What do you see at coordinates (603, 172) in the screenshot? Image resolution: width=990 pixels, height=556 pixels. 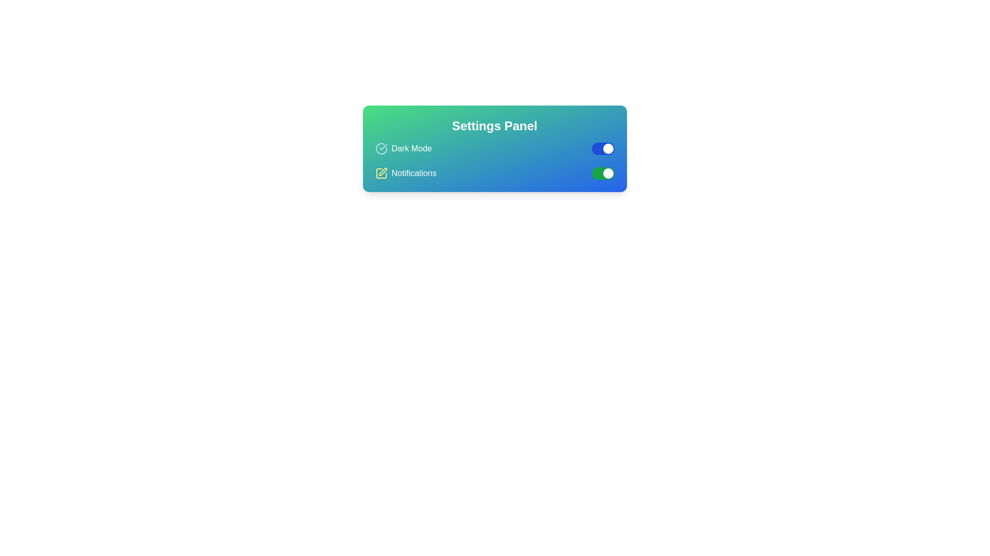 I see `switch` at bounding box center [603, 172].